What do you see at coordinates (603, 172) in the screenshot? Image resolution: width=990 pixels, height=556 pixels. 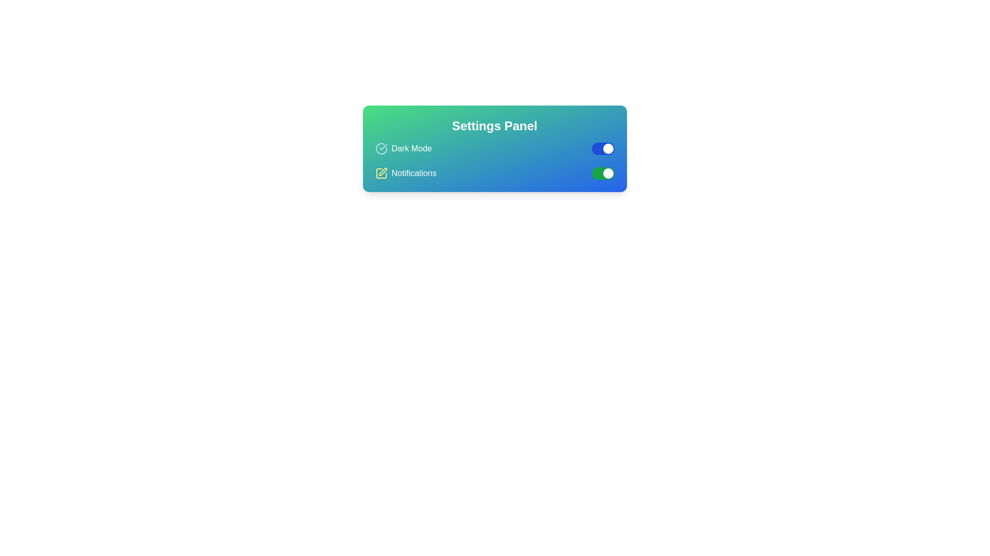 I see `switch` at bounding box center [603, 172].